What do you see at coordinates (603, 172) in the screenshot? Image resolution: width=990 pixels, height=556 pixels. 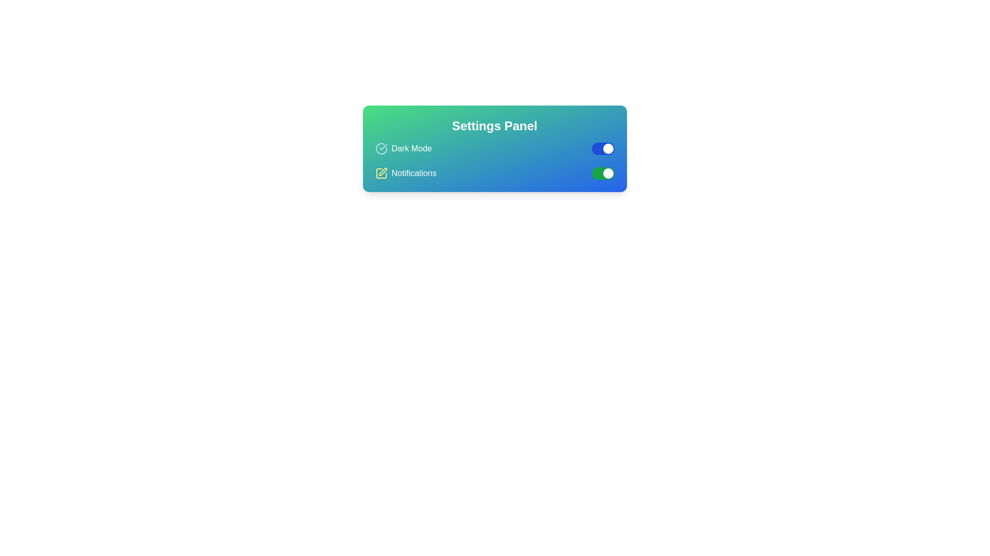 I see `switch` at bounding box center [603, 172].